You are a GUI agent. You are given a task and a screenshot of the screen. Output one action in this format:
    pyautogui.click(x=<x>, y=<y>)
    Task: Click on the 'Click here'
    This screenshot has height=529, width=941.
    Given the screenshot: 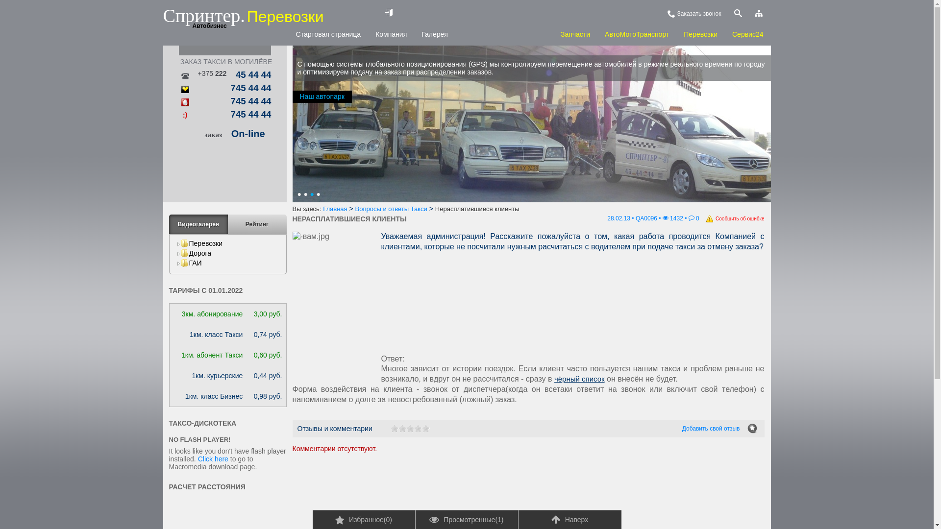 What is the action you would take?
    pyautogui.click(x=213, y=459)
    